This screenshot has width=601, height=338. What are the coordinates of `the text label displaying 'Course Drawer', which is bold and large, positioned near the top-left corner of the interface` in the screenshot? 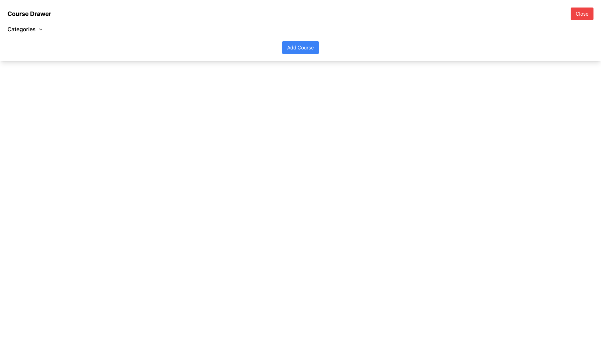 It's located at (29, 13).